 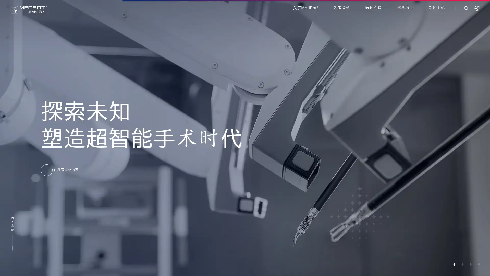 I want to click on Go to slide 3, so click(x=470, y=264).